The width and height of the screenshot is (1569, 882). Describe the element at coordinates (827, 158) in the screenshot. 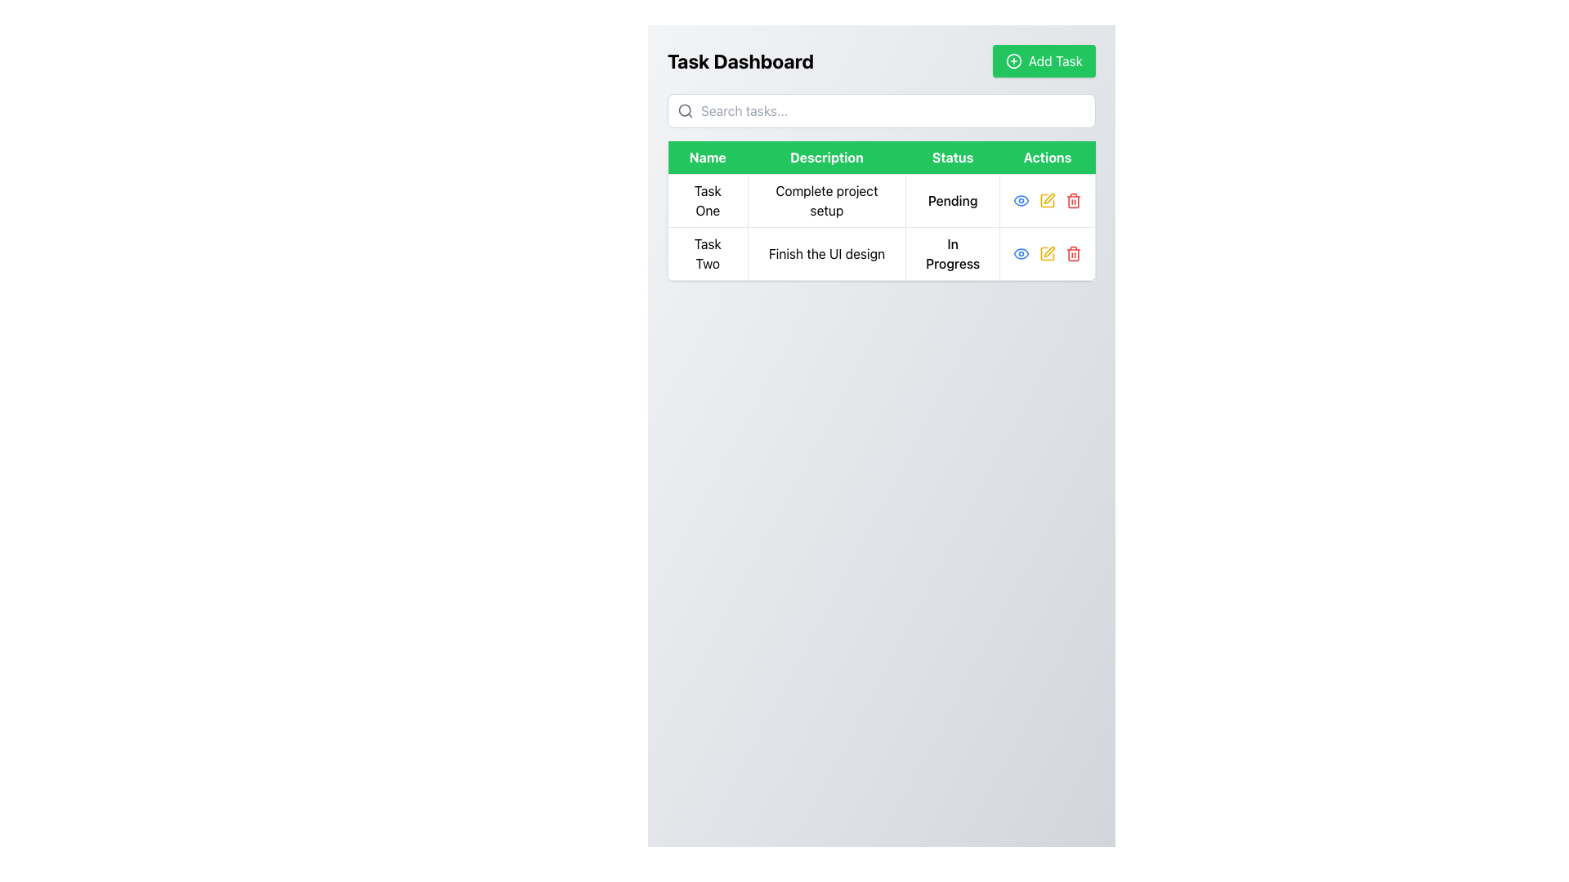

I see `the Table Column Header displaying 'Description' in white text on a green background, located in the second column of the header row` at that location.